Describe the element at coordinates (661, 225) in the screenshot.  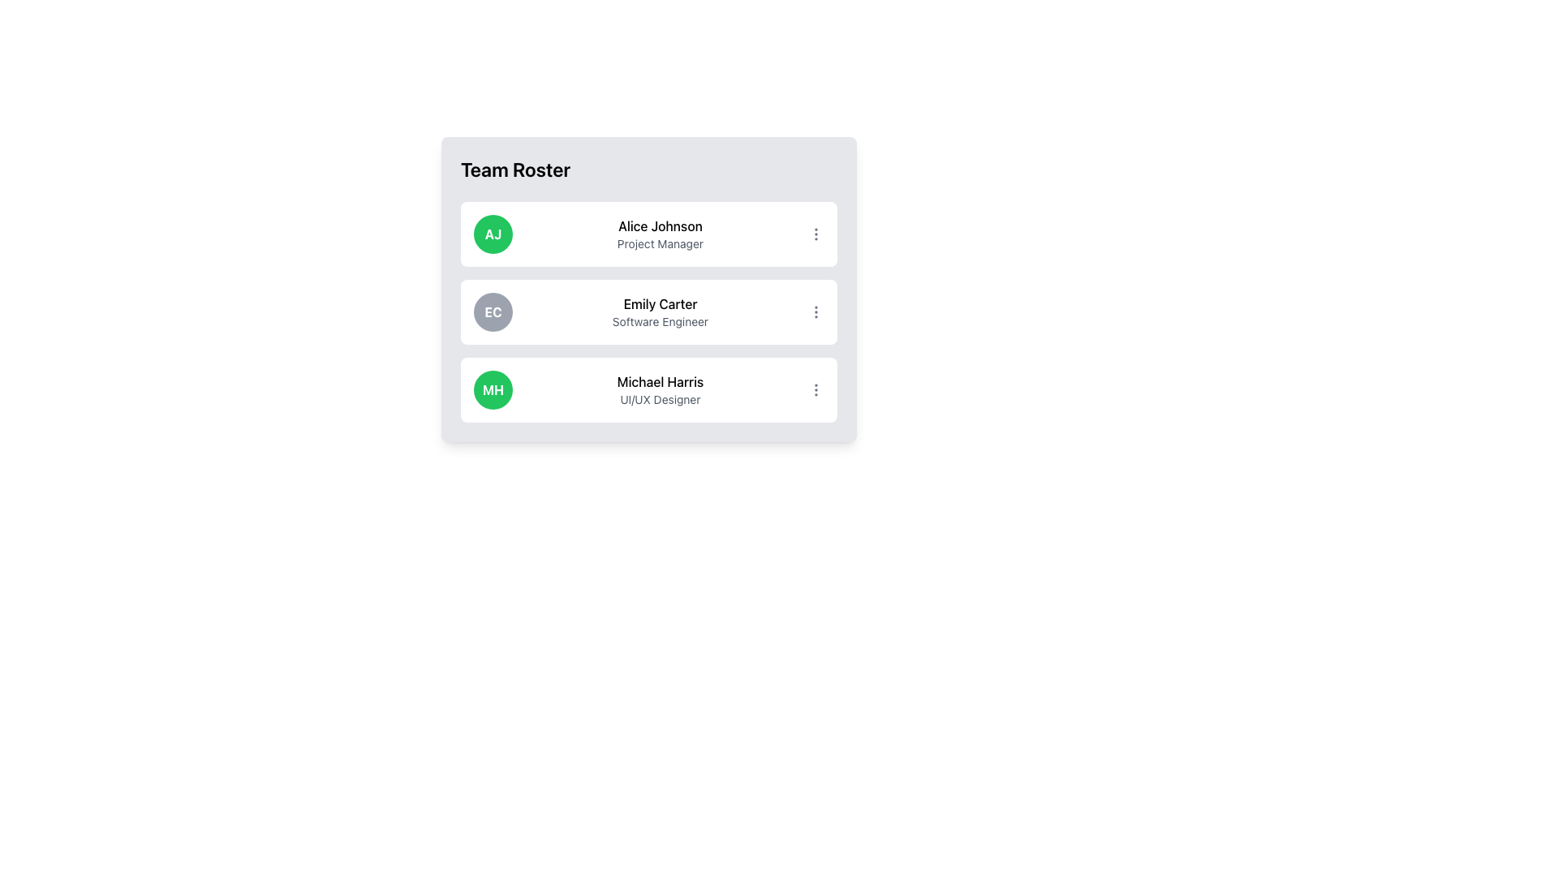
I see `the text label identifying the team member's name in the first row of the 'Team Roster', positioned to the right of the green icon with initials 'AJ'` at that location.